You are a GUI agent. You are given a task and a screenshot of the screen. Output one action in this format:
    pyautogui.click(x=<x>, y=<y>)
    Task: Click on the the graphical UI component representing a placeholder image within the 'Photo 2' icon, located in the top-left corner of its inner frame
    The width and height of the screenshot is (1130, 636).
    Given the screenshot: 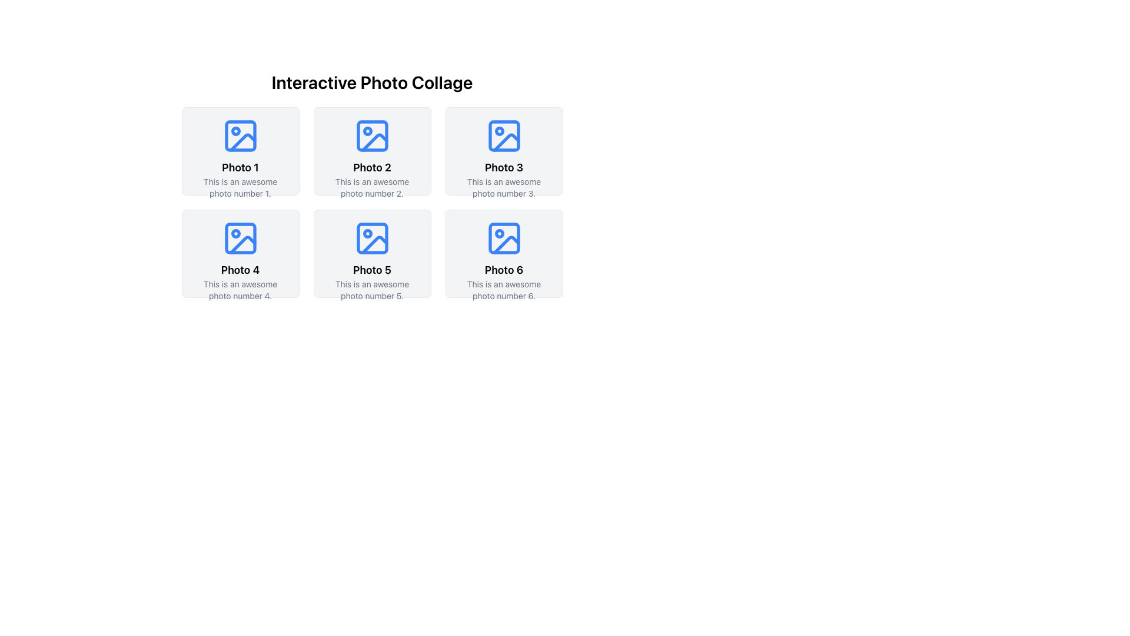 What is the action you would take?
    pyautogui.click(x=371, y=135)
    